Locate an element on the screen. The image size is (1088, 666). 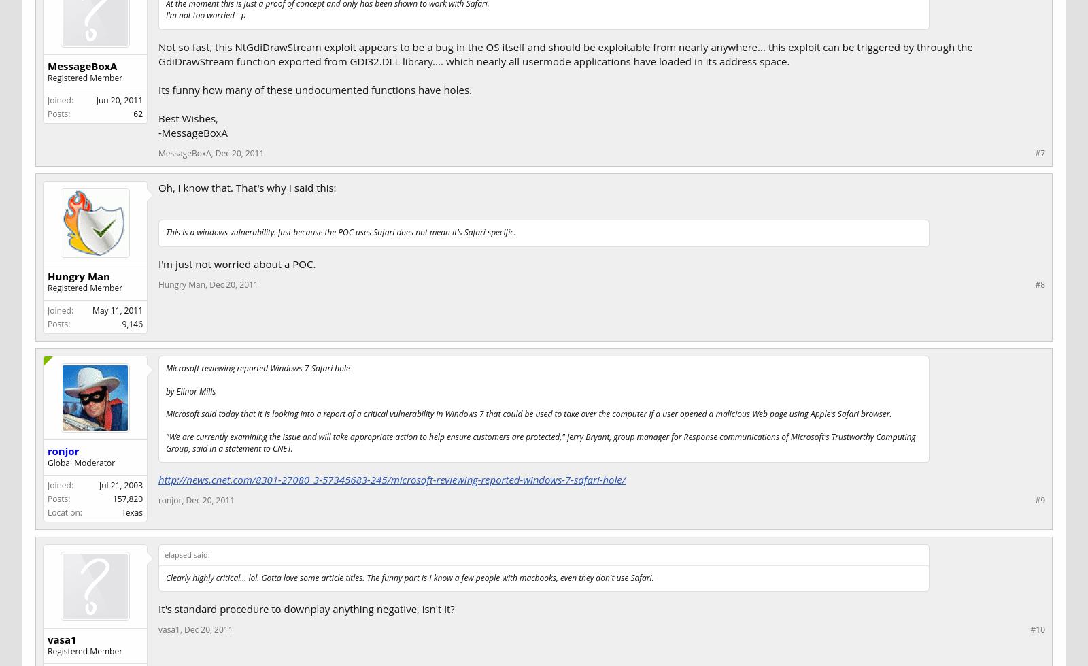
'Microsoft reviewing reported Windows 7-Safari hole' is located at coordinates (258, 367).